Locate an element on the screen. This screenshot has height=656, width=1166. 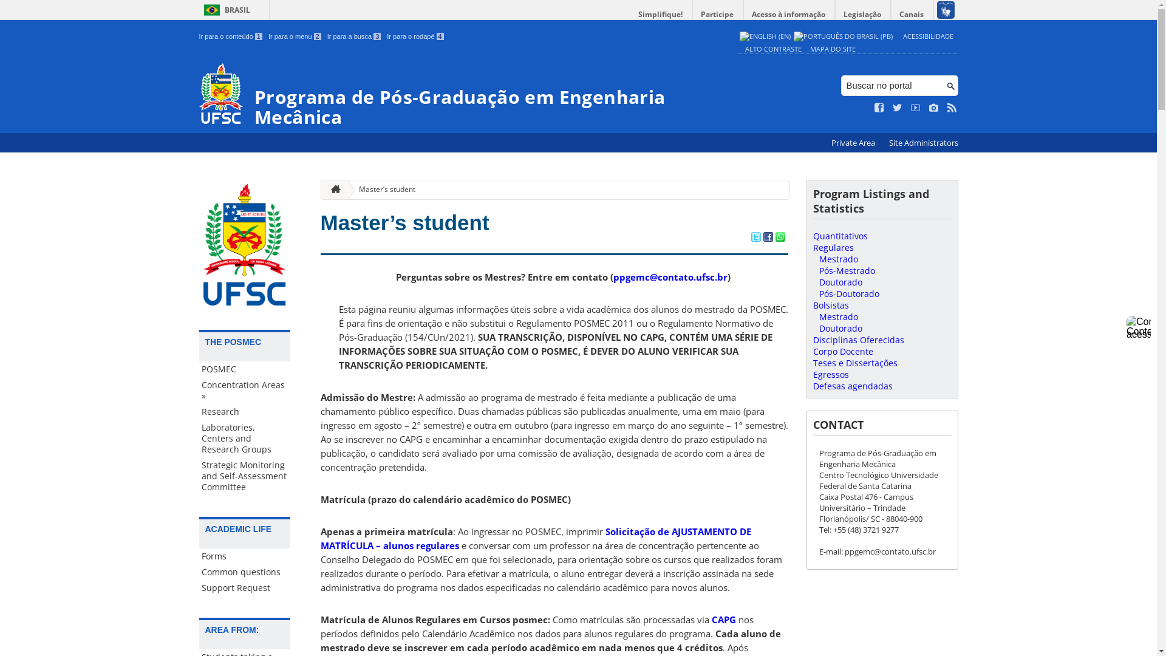
'Regulares' is located at coordinates (832, 247).